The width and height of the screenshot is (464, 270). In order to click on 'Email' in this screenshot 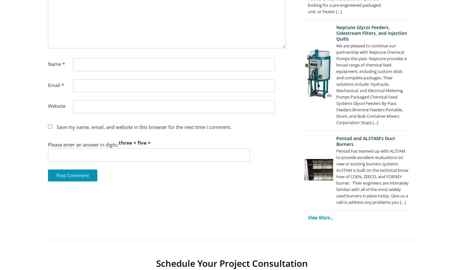, I will do `click(47, 84)`.